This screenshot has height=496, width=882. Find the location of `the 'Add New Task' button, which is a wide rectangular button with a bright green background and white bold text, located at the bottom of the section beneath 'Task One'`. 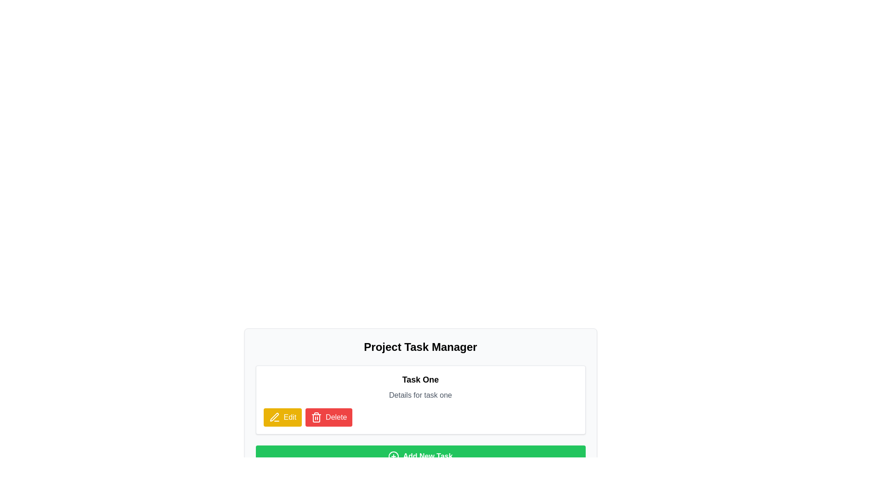

the 'Add New Task' button, which is a wide rectangular button with a bright green background and white bold text, located at the bottom of the section beneath 'Task One' is located at coordinates (420, 457).